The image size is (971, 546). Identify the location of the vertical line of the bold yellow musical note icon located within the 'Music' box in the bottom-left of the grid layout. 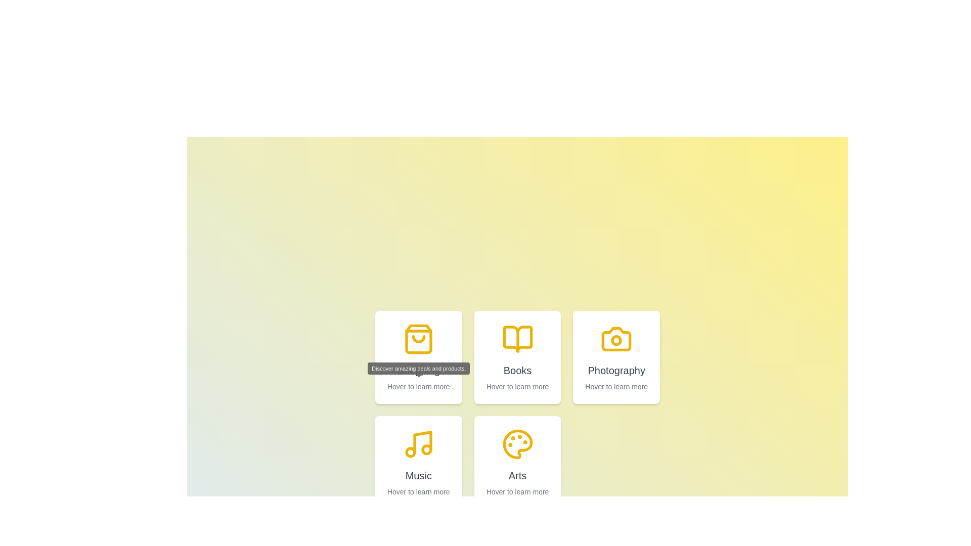
(422, 442).